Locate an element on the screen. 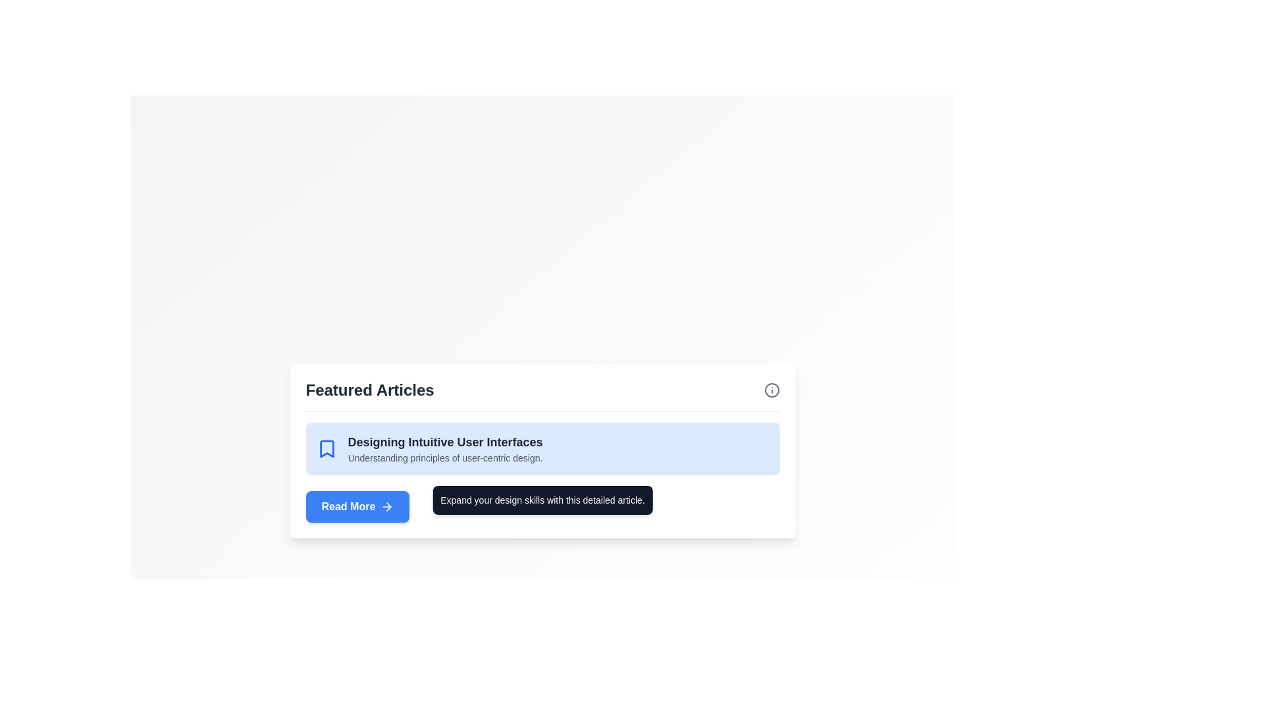 This screenshot has height=711, width=1264. the text element displaying 'Designing Intuitive User Interfaces' is located at coordinates (445, 442).